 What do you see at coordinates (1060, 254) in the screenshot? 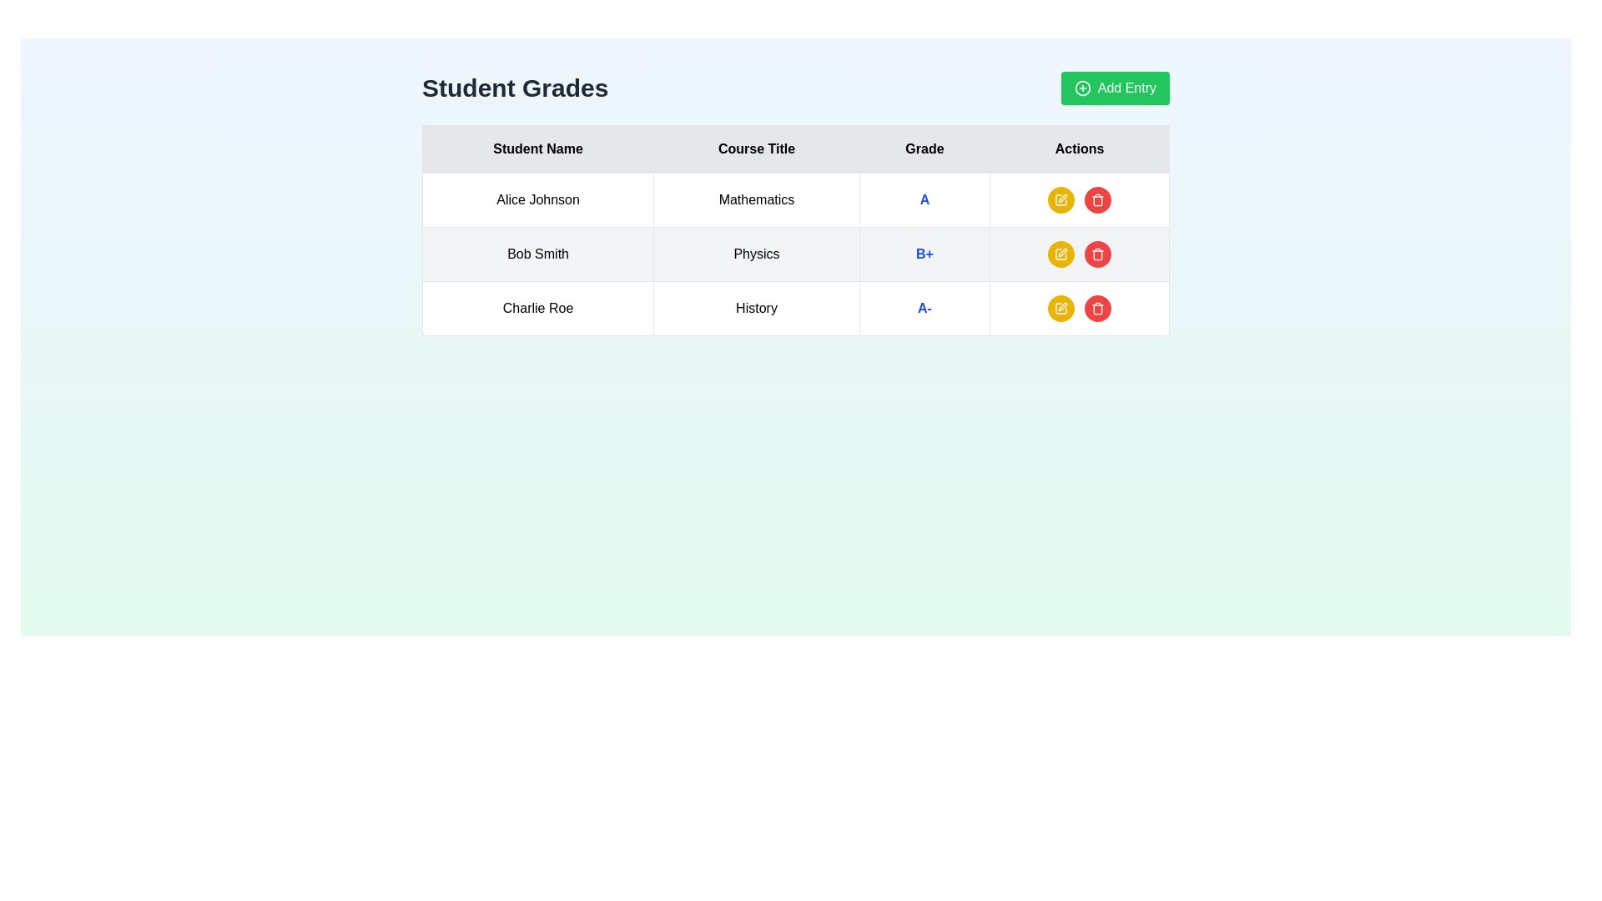
I see `the round yellow button with a pen icon in the second row of the 'Actions' column to initiate edit functionality` at bounding box center [1060, 254].